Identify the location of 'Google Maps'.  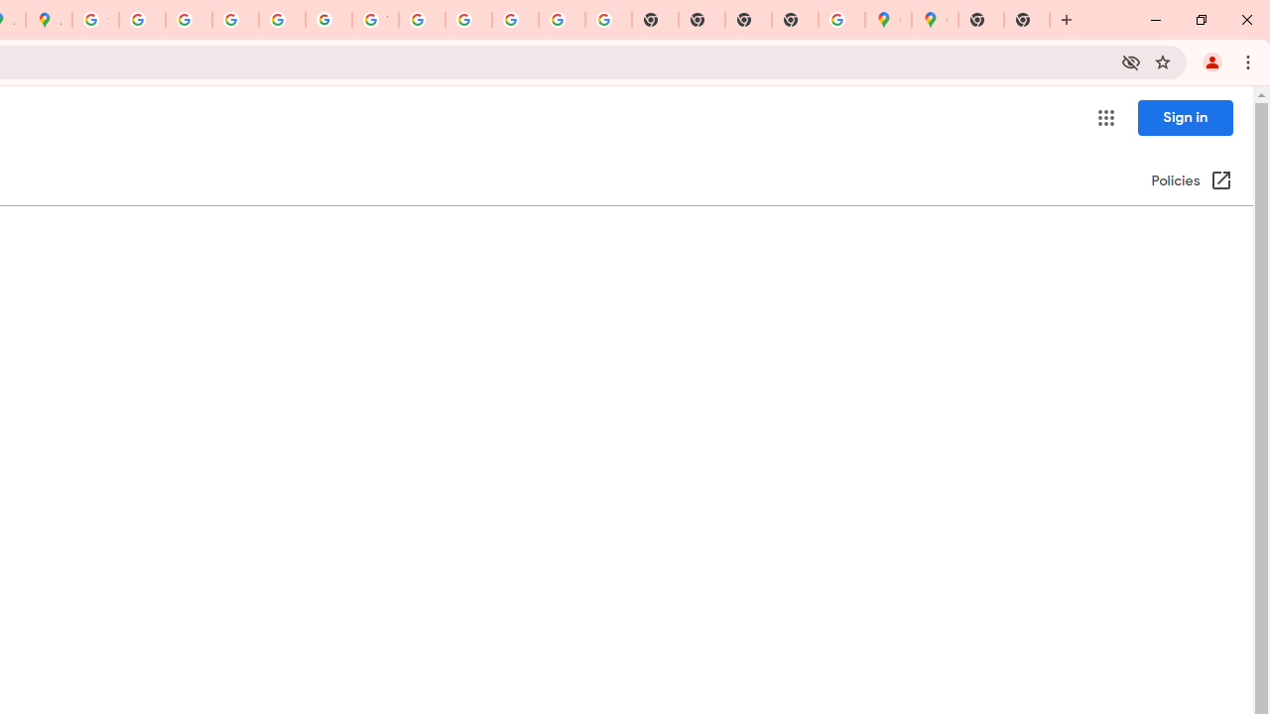
(934, 20).